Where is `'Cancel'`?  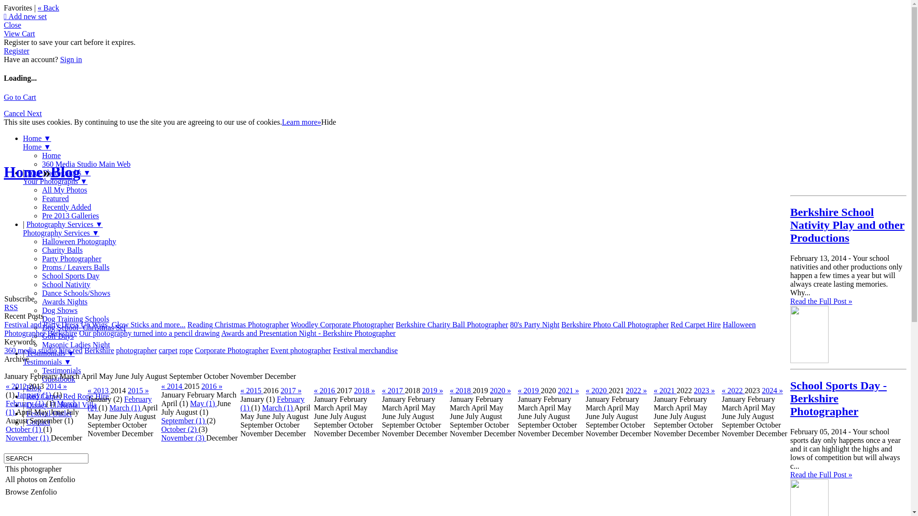 'Cancel' is located at coordinates (15, 113).